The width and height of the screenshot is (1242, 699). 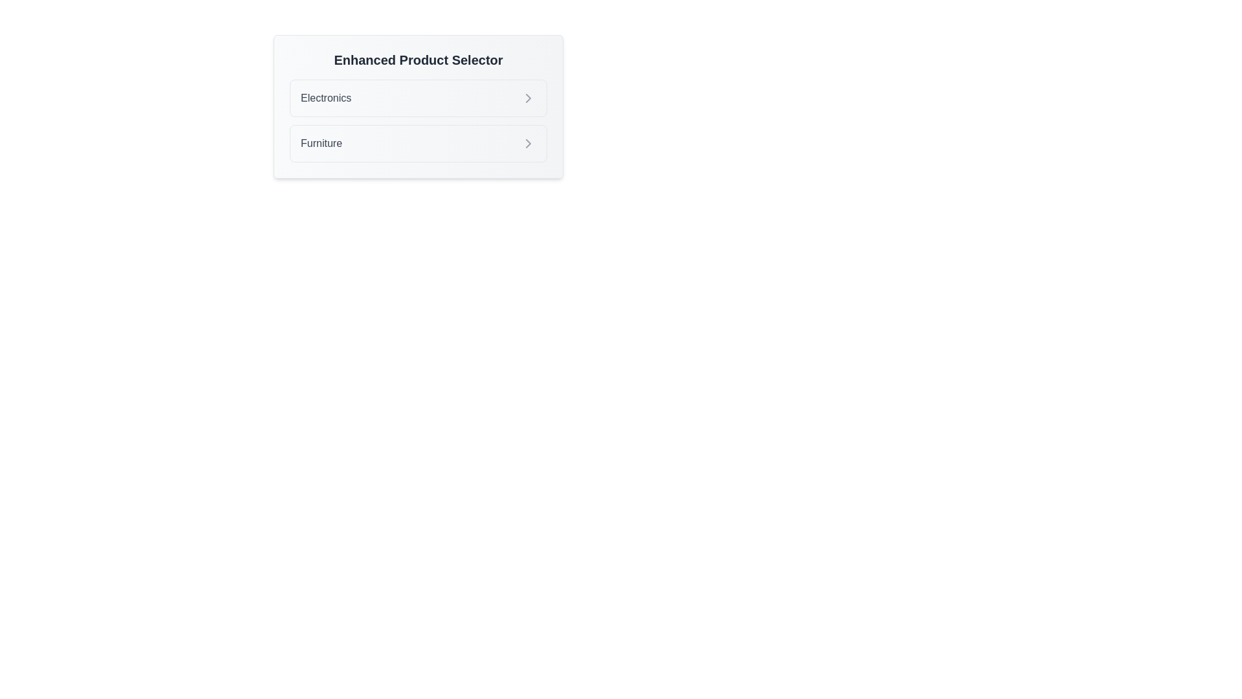 I want to click on the chevron icon next to the 'Electronics' text label, so click(x=528, y=97).